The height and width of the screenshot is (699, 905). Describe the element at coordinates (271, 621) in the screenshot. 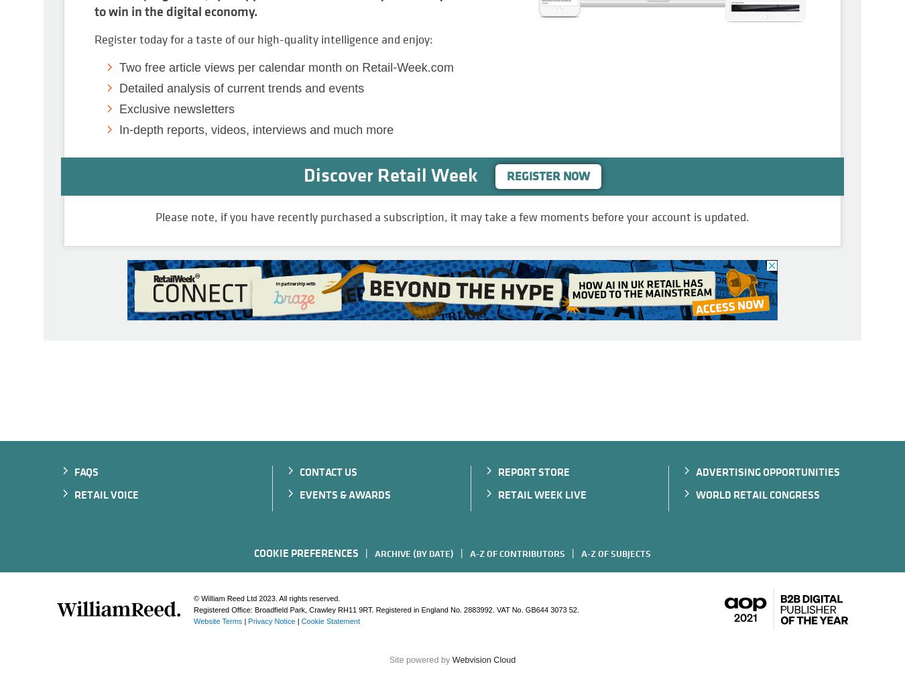

I see `'Privacy Notice'` at that location.